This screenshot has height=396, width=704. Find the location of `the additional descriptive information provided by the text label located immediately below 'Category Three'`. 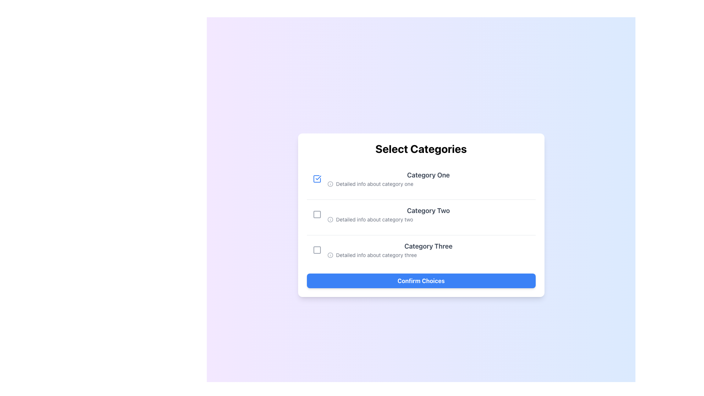

the additional descriptive information provided by the text label located immediately below 'Category Three' is located at coordinates (428, 254).